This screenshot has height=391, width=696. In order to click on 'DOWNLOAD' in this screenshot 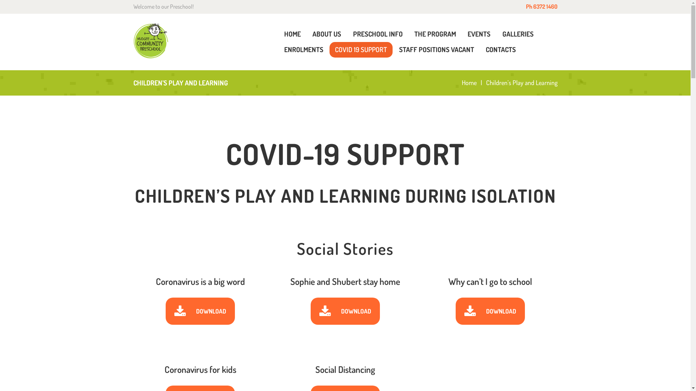, I will do `click(490, 311)`.